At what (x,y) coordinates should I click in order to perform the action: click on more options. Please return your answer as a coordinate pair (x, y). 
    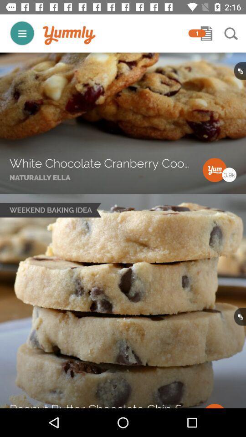
    Looking at the image, I should click on (22, 33).